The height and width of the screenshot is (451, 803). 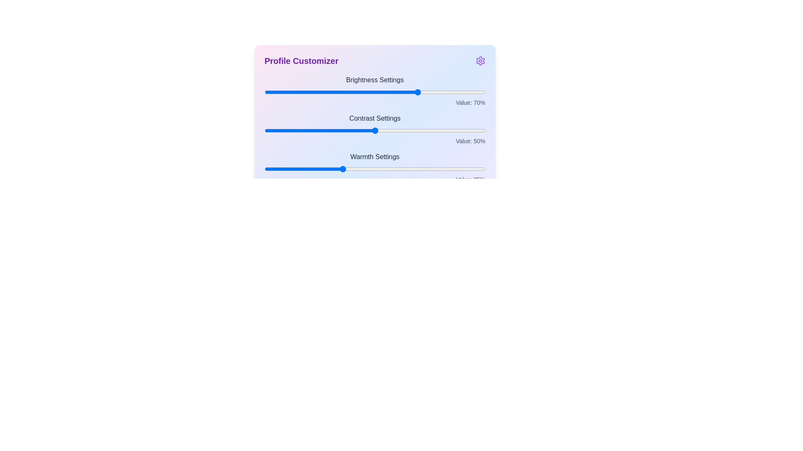 What do you see at coordinates (419, 92) in the screenshot?
I see `the slider for 0 to a value of 70` at bounding box center [419, 92].